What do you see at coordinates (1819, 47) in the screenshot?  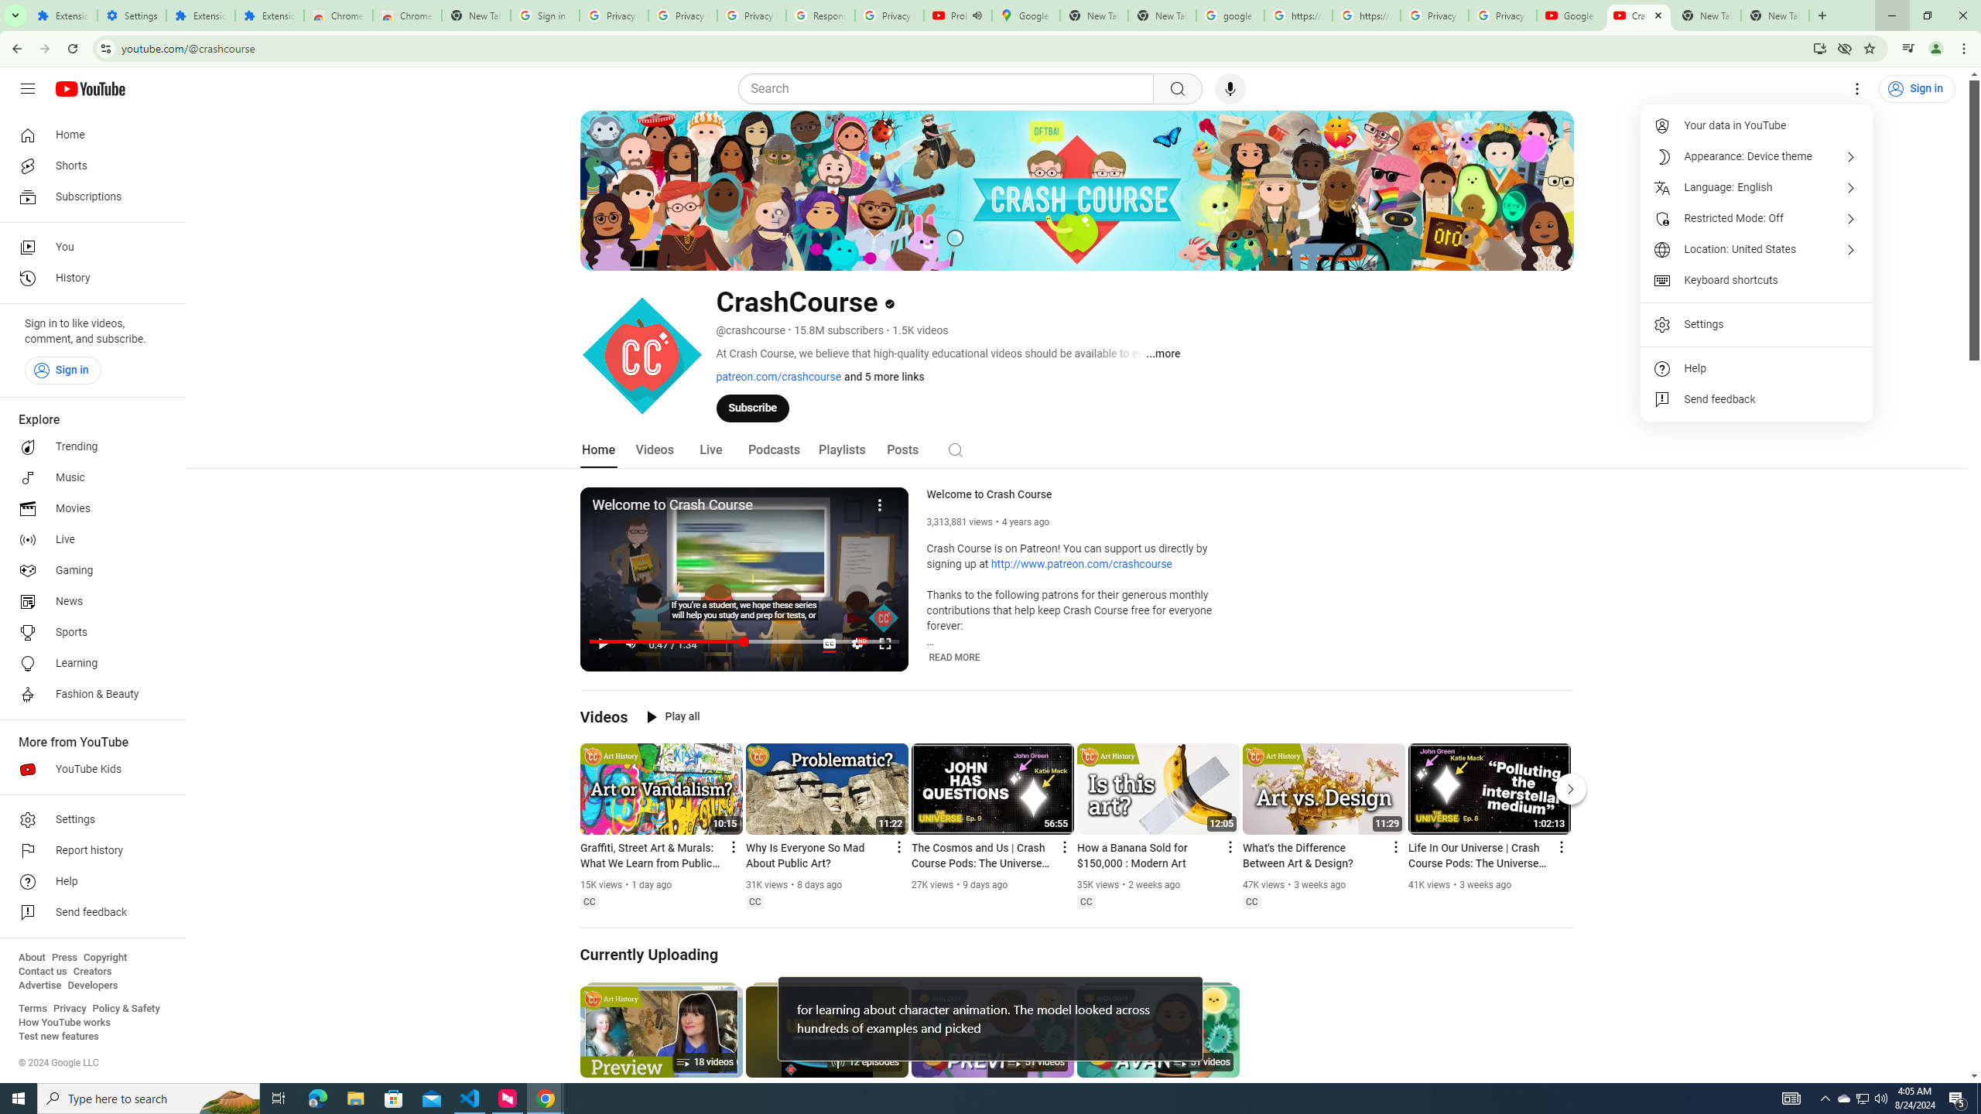 I see `'Install YouTube'` at bounding box center [1819, 47].